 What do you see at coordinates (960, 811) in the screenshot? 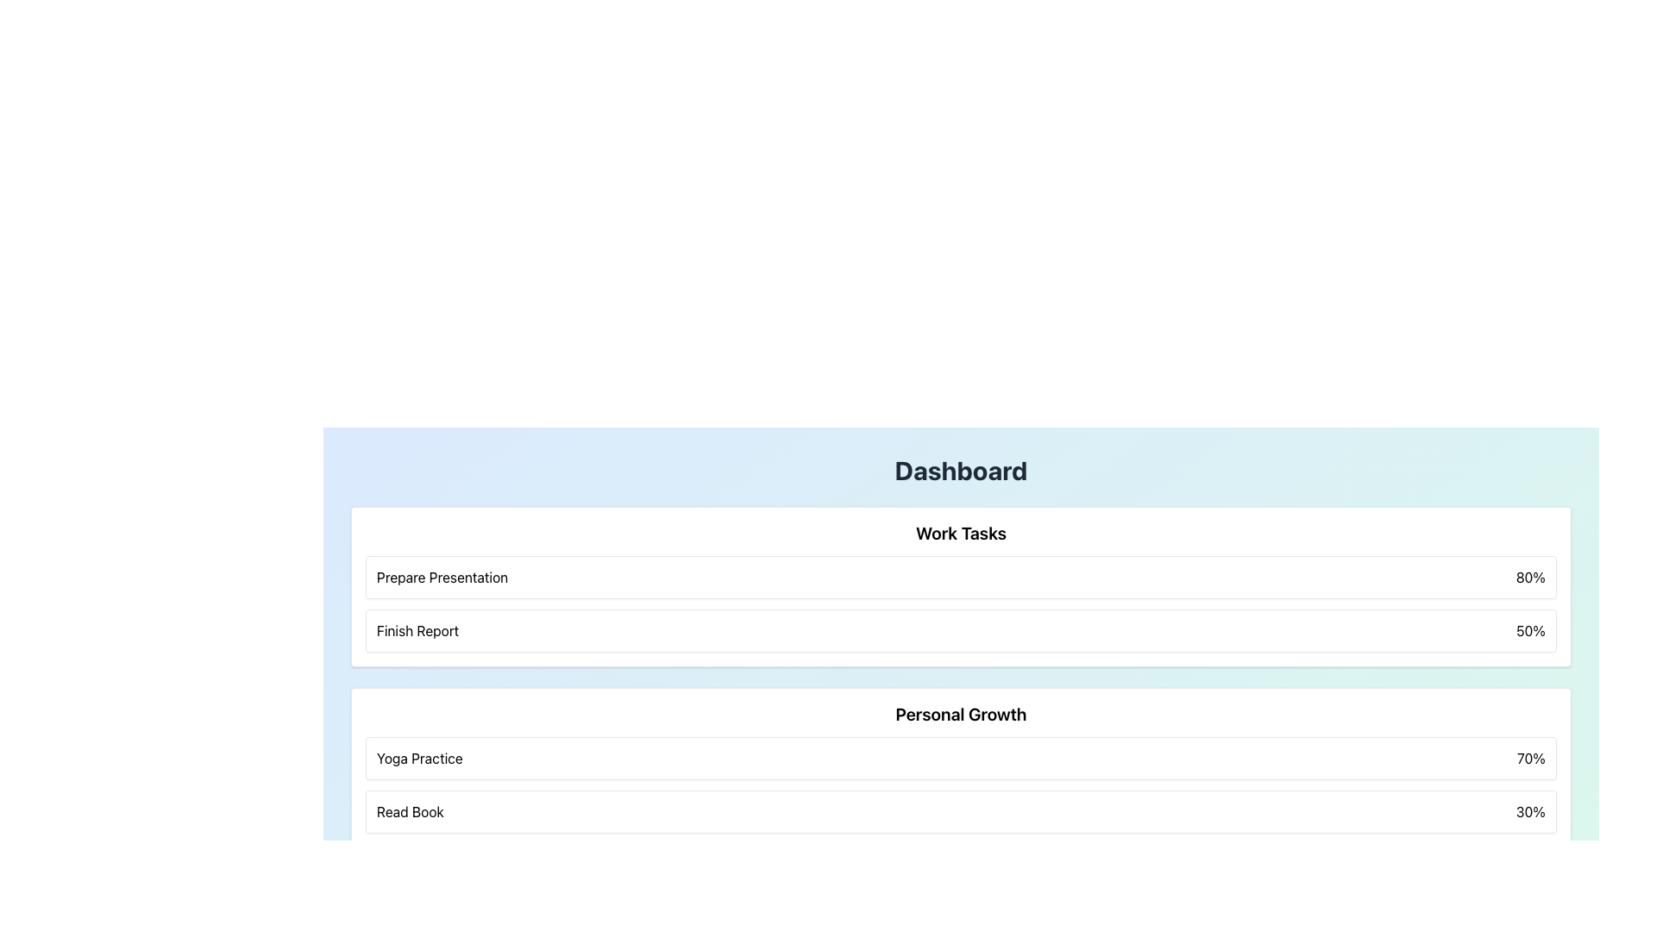
I see `information displayed in the progress item of the 'Personal Growth' section, which indicates the completion percentage of the 'Yoga Practice' activity` at bounding box center [960, 811].